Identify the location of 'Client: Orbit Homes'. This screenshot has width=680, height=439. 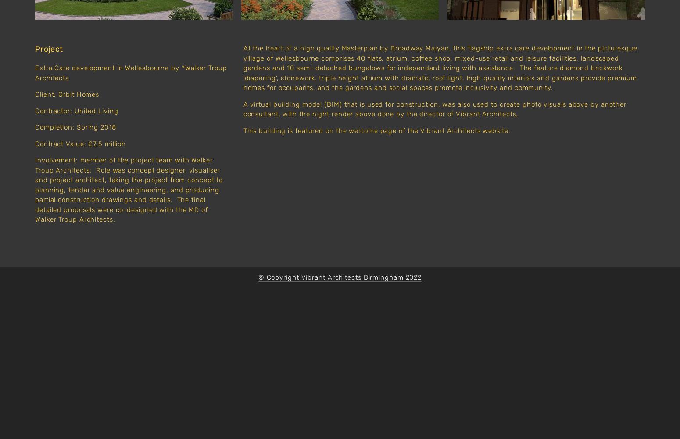
(35, 94).